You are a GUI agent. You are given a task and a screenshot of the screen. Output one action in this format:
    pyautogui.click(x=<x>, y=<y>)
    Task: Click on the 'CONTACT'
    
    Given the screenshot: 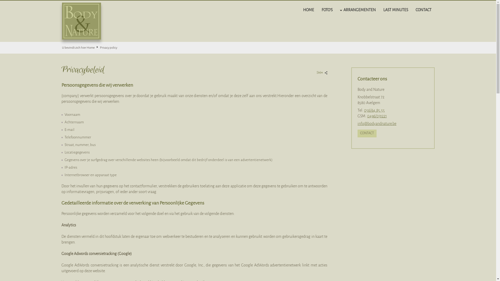 What is the action you would take?
    pyautogui.click(x=367, y=133)
    